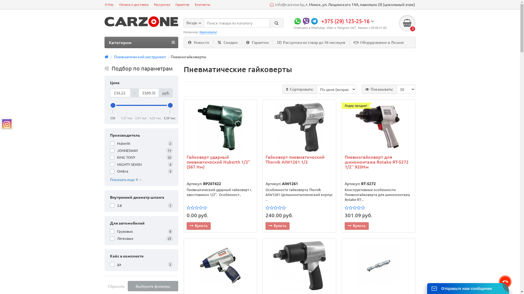 This screenshot has height=294, width=524. Describe the element at coordinates (141, 164) in the screenshot. I see `'MIGHTY SEVEN` at that location.